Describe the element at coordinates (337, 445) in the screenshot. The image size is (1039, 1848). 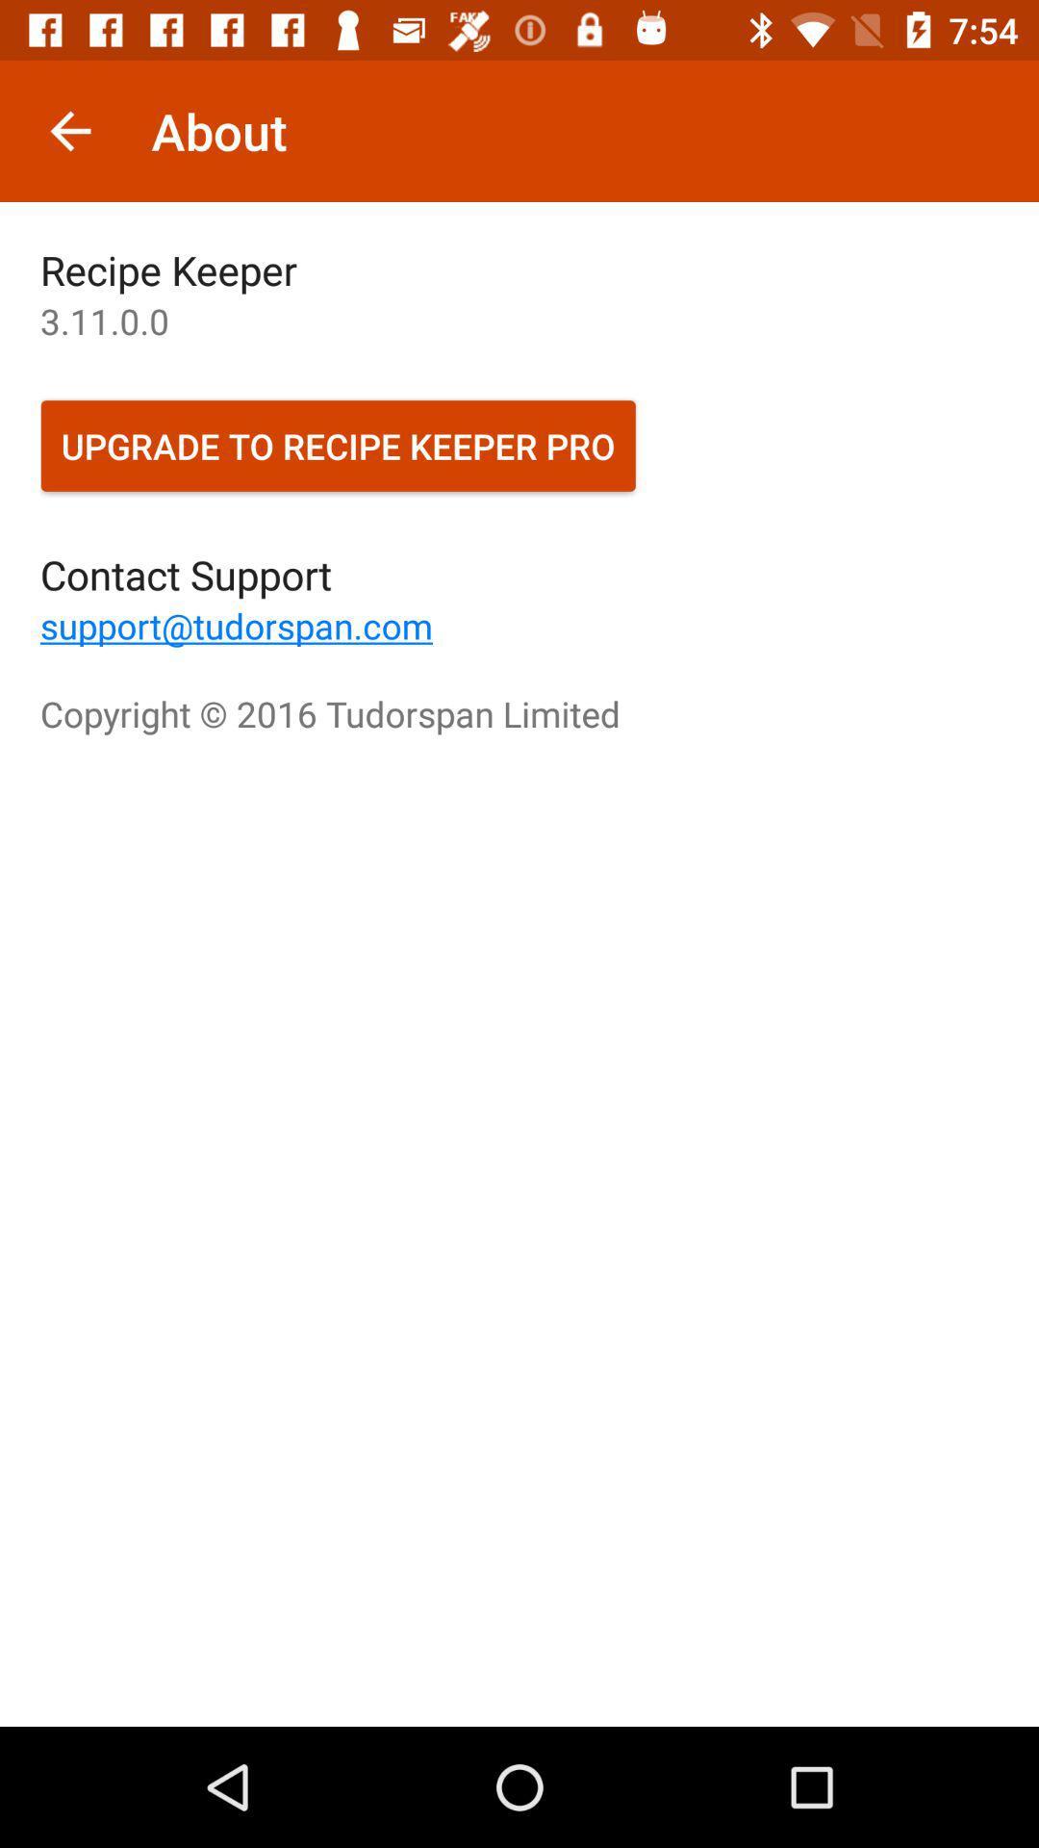
I see `the item below the 3 11 0 icon` at that location.